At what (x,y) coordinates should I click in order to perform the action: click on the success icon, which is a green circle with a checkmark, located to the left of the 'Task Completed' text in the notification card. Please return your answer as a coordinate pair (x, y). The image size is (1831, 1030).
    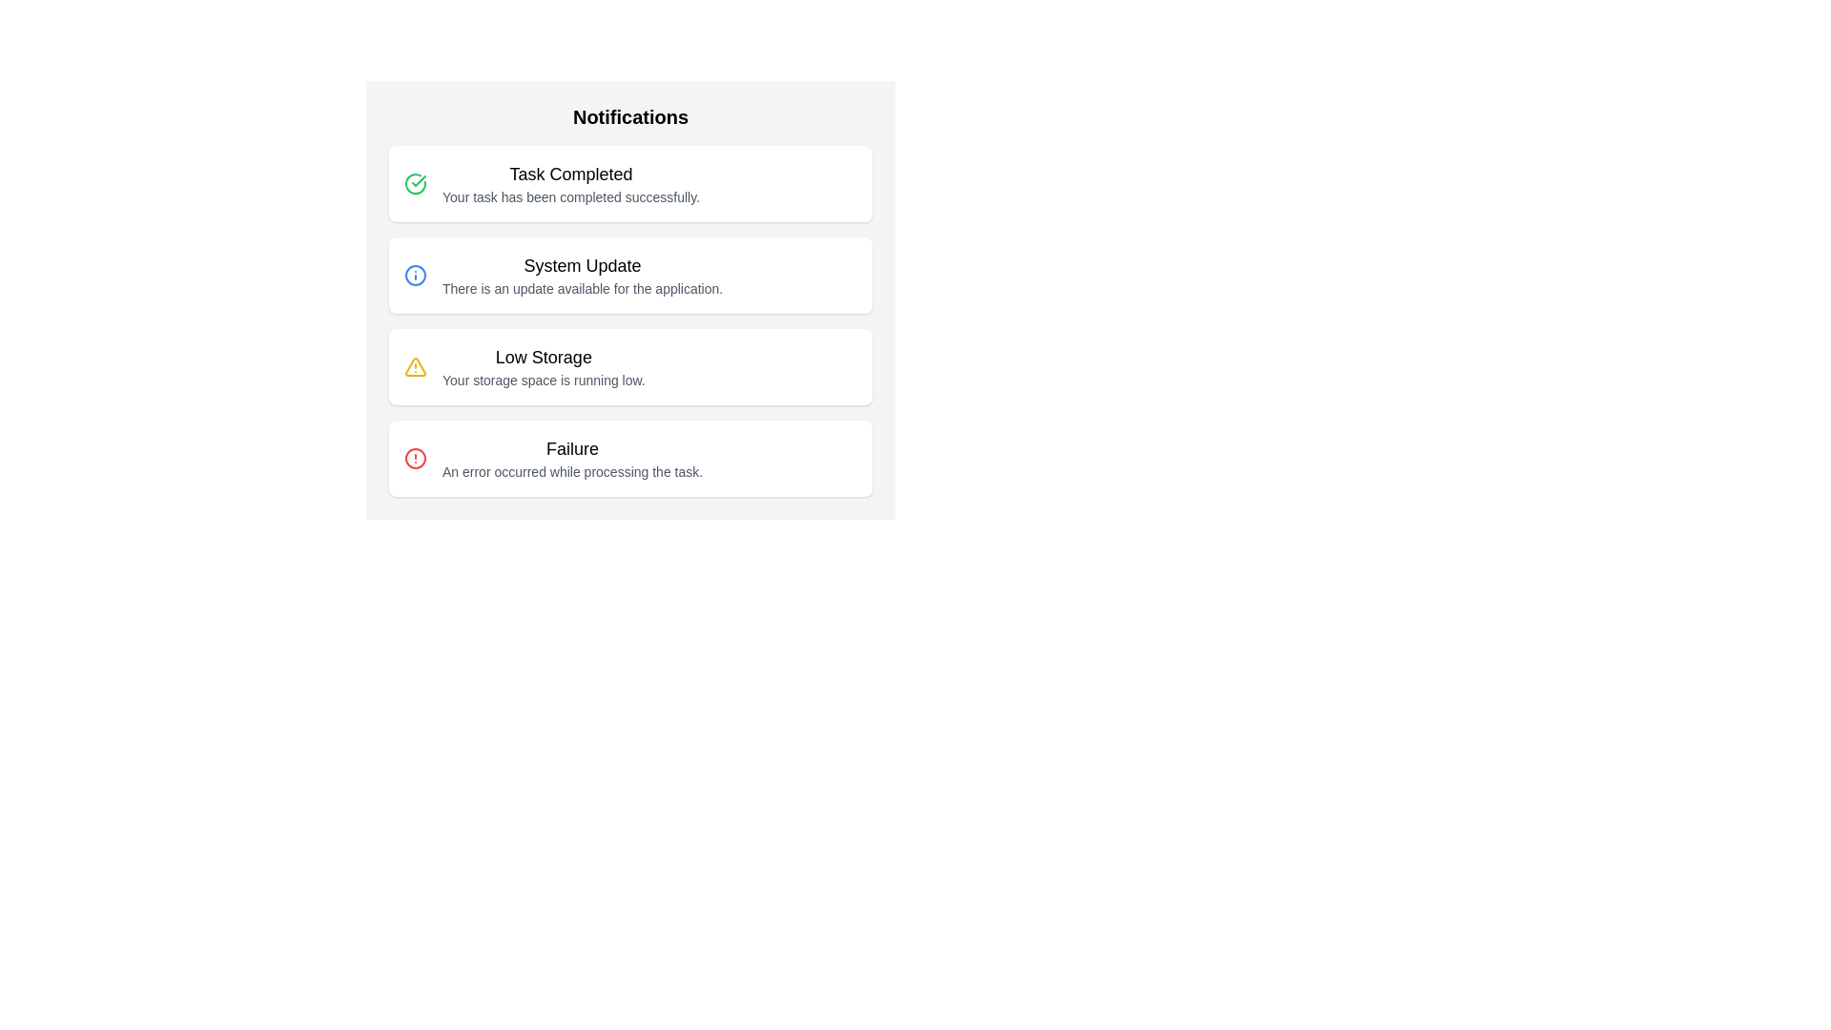
    Looking at the image, I should click on (415, 183).